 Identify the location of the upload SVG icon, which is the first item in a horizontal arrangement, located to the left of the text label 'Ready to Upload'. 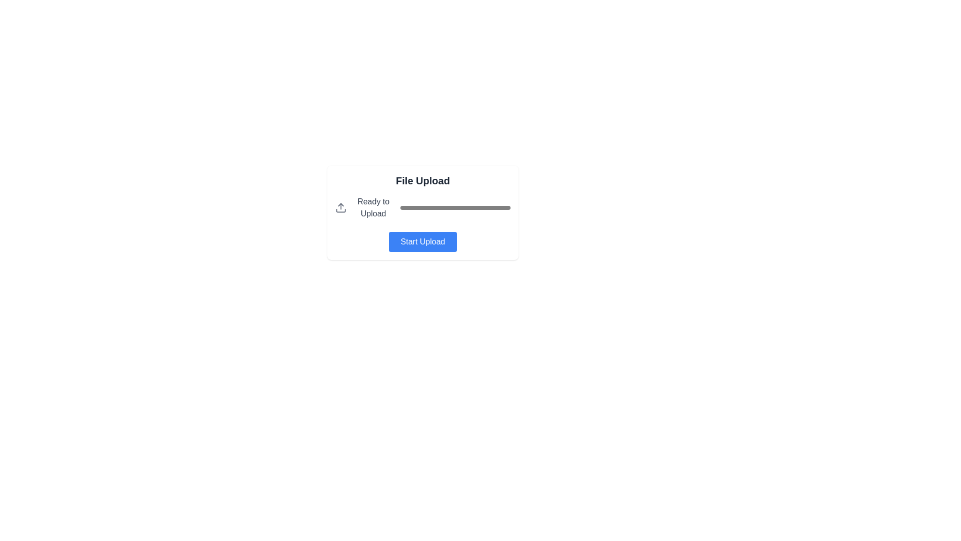
(341, 207).